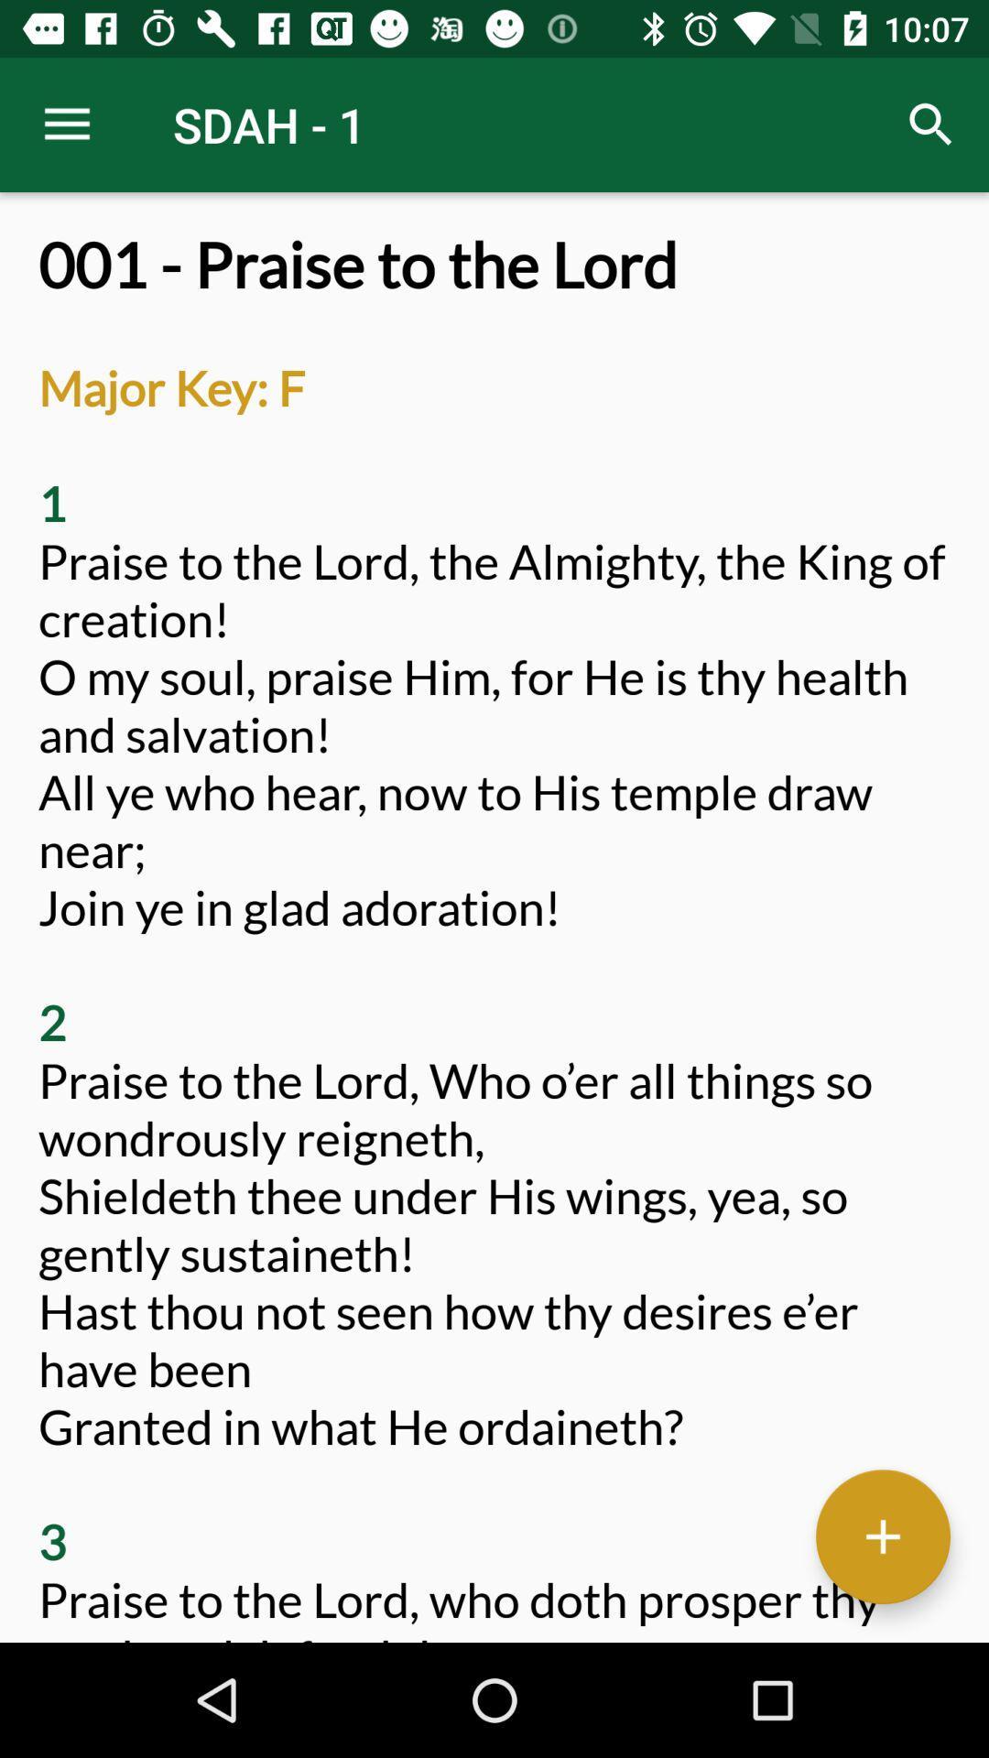 The height and width of the screenshot is (1758, 989). What do you see at coordinates (66, 124) in the screenshot?
I see `the item next to the sdah - 1 item` at bounding box center [66, 124].